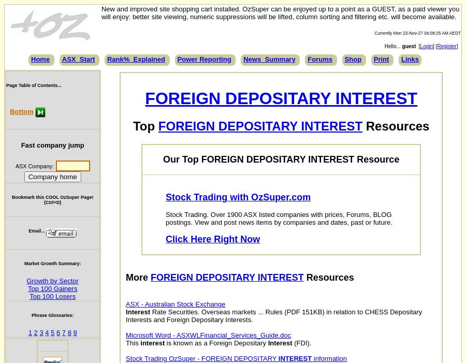 The image size is (466, 363). Describe the element at coordinates (33, 84) in the screenshot. I see `'Page Table of Contents...'` at that location.